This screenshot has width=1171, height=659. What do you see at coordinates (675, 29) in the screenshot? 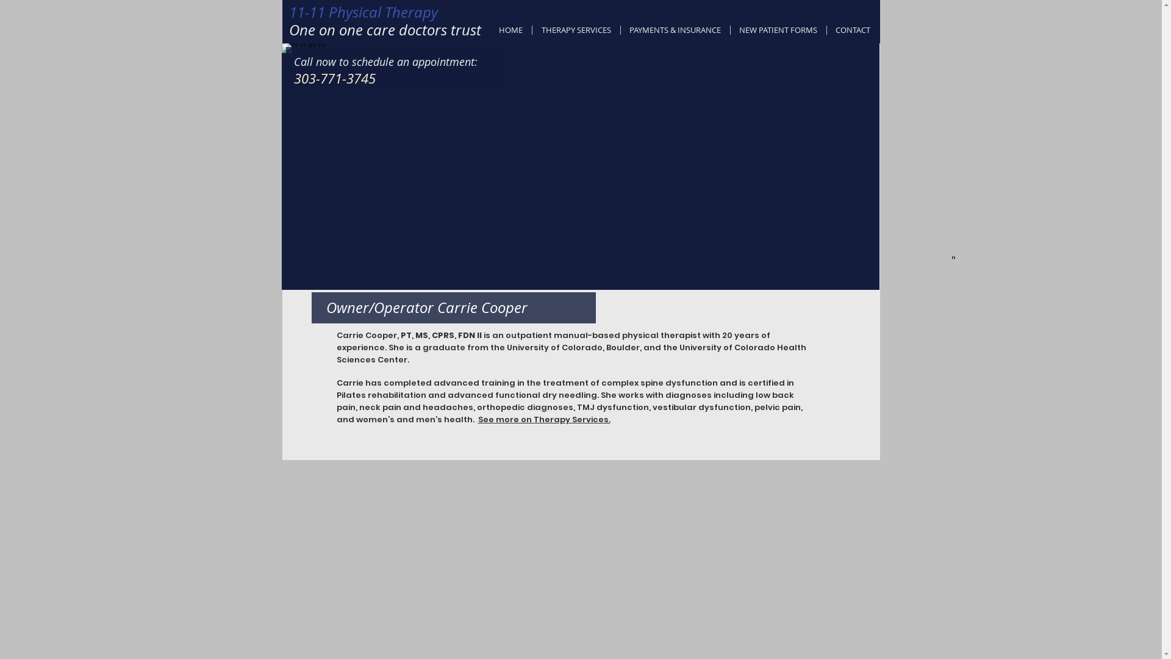
I see `'PAYMENTS & INSURANCE'` at bounding box center [675, 29].